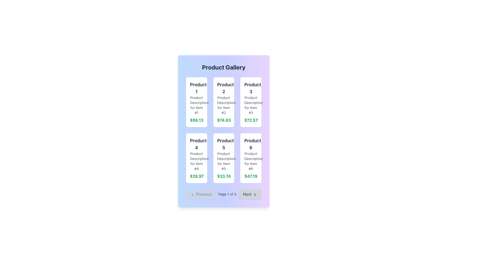  Describe the element at coordinates (223, 158) in the screenshot. I see `the rectangular card titled 'Product 5' with a white background and rounded corners, located in the 'Product Gallery' between 'Product 4' and 'Product 6'` at that location.